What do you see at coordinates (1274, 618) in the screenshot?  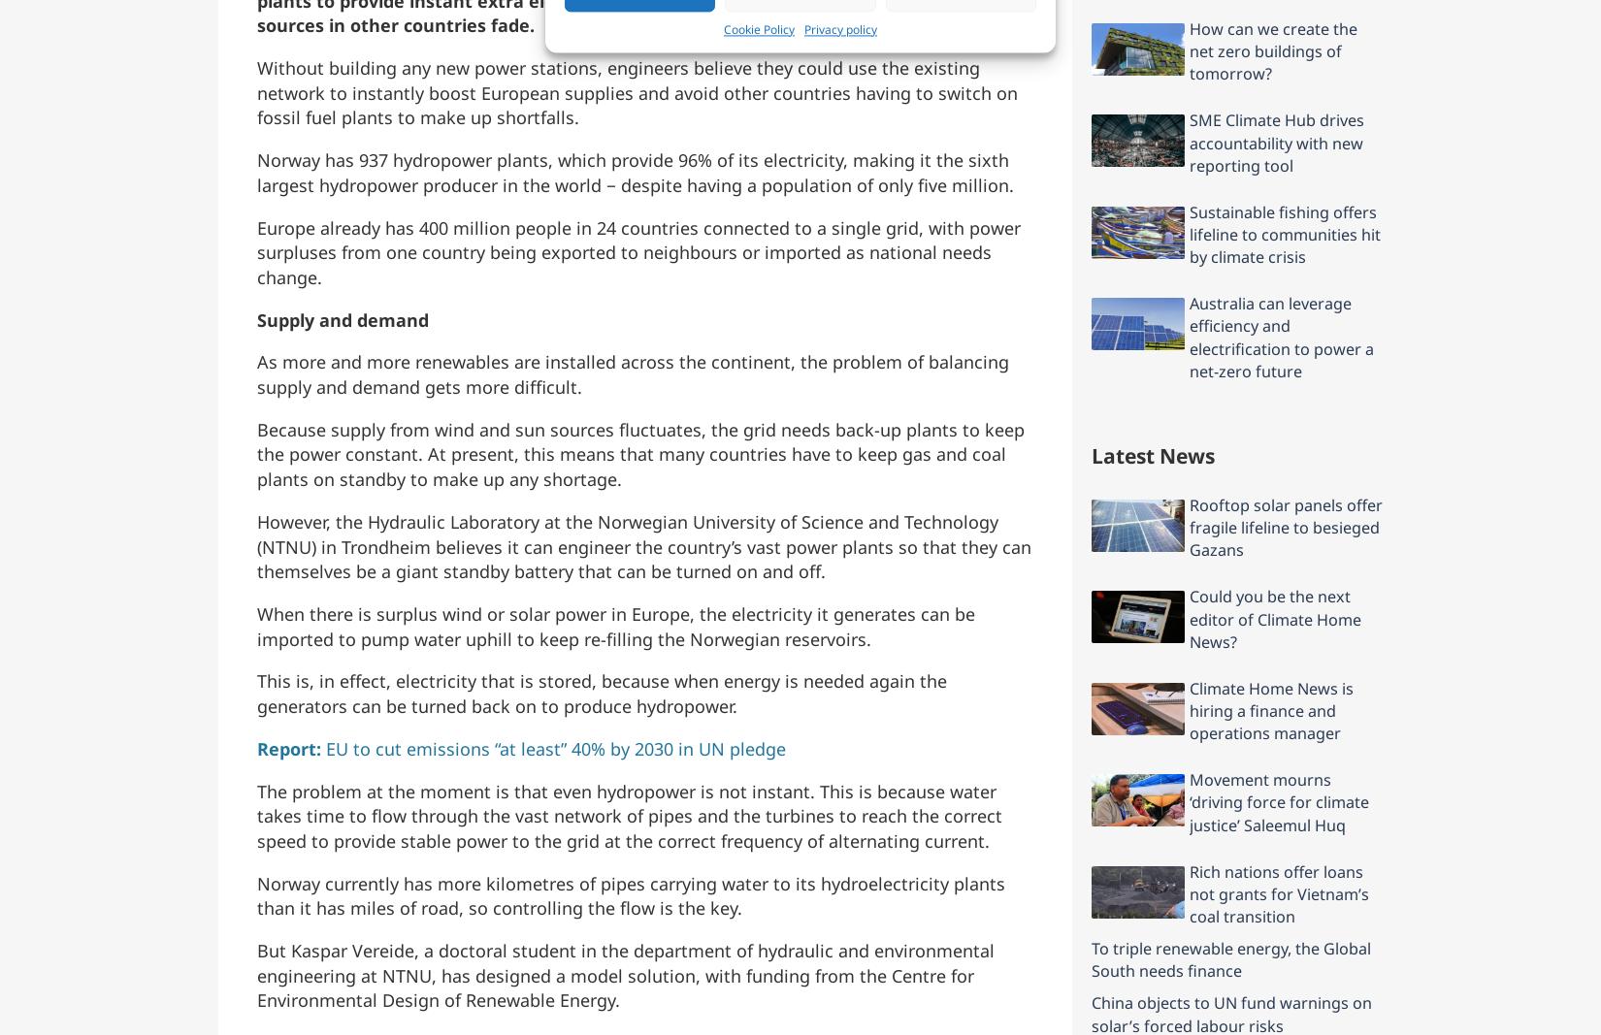 I see `'Could you be the next editor of Climate Home News?'` at bounding box center [1274, 618].